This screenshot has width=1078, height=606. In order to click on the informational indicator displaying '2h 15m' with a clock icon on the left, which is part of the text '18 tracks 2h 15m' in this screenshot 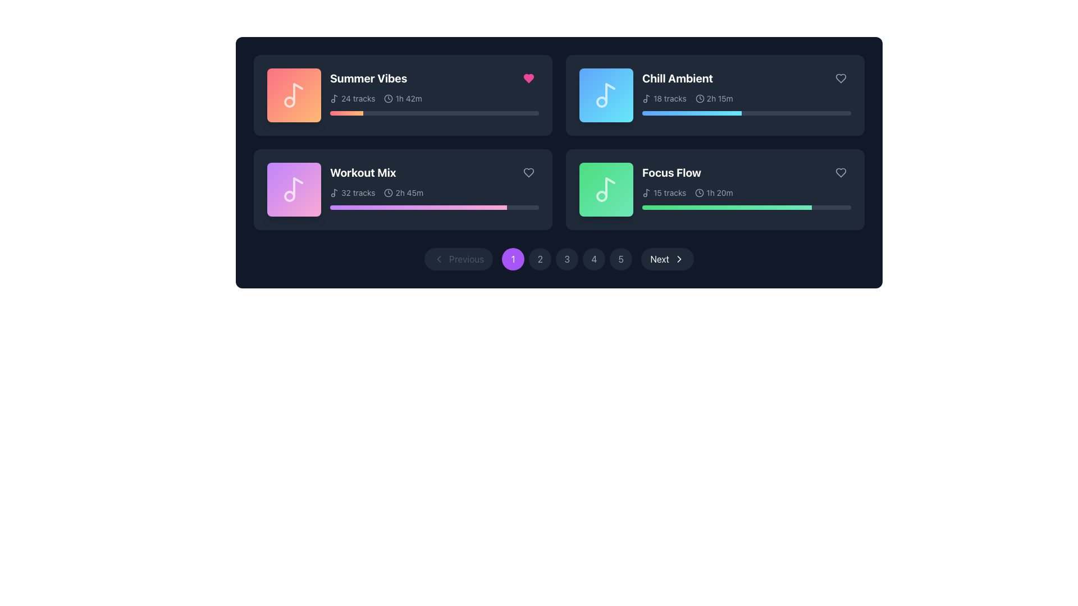, I will do `click(714, 98)`.